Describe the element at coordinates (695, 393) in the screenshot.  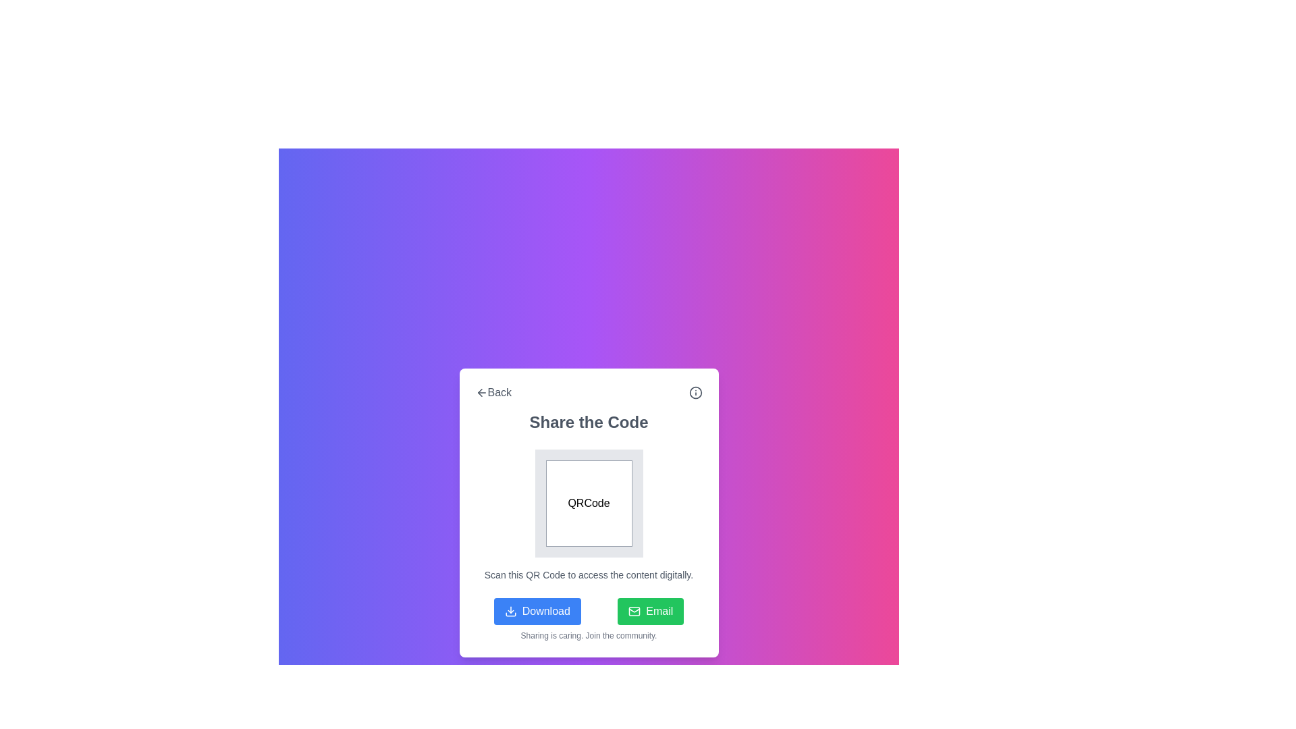
I see `the circular graphical element with a black outline and white background, located in the top-right corner of the modal window` at that location.